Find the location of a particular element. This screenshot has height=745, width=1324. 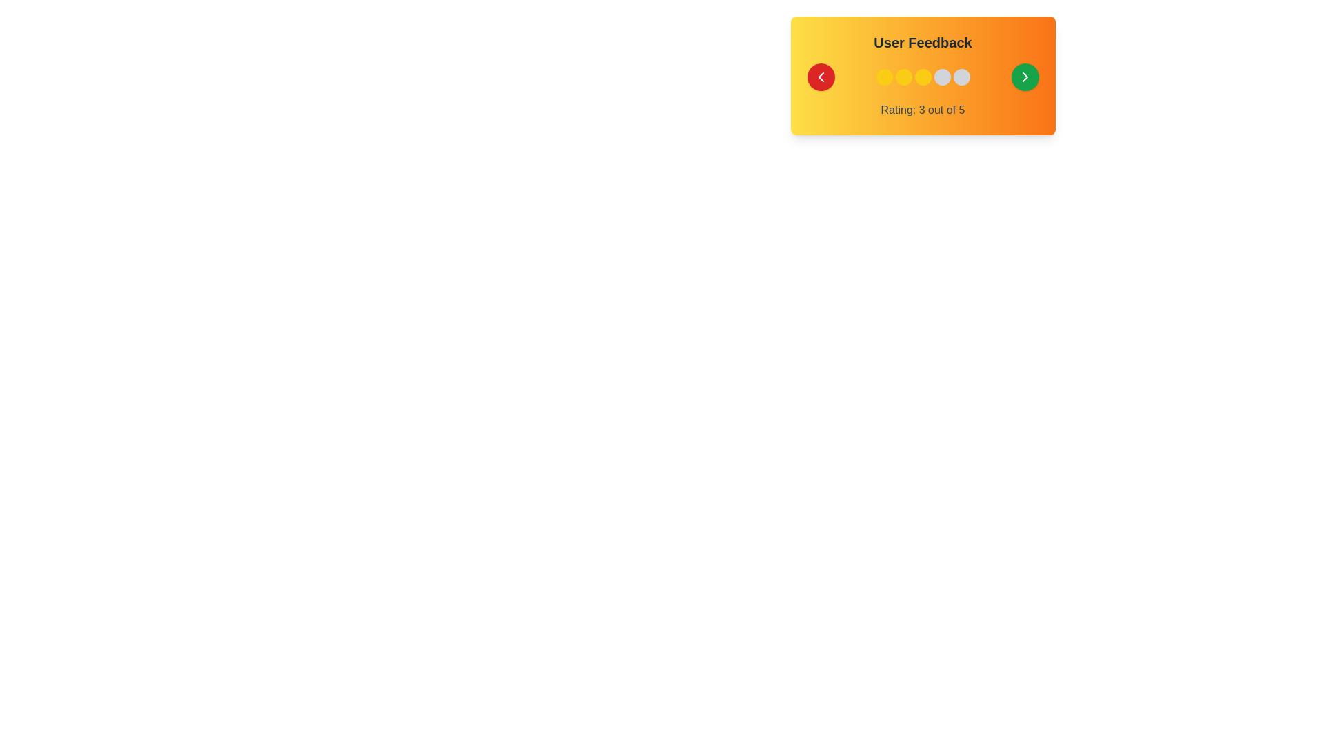

the navigation button located on the left side of the interface is located at coordinates (821, 77).